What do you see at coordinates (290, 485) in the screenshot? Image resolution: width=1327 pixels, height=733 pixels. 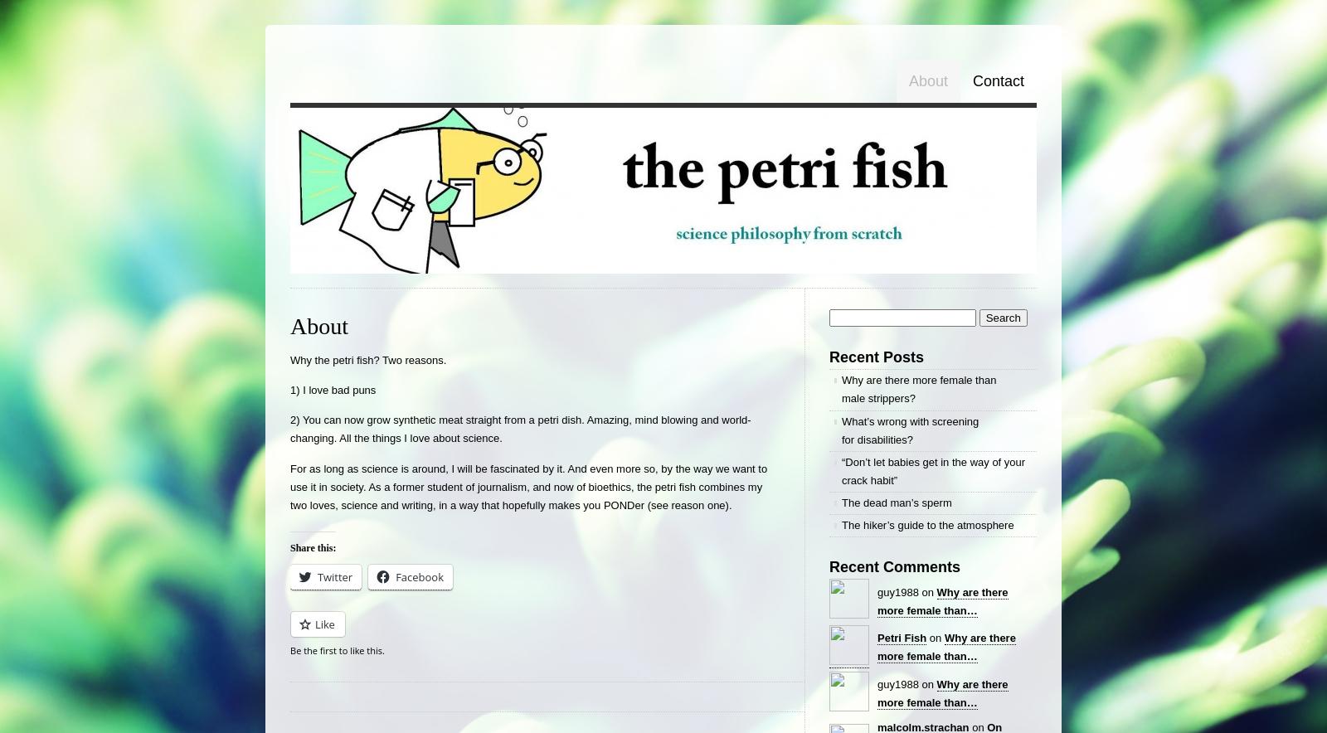 I see `'For as long as science is around, I will be fascinated by it. And even more so, by the way we want to use it in society. As a former student of journalism, and now of bioethics, the petri fish combines my two loves, science and writing, in a way that hopefully makes you PONDer (see reason one).'` at bounding box center [290, 485].